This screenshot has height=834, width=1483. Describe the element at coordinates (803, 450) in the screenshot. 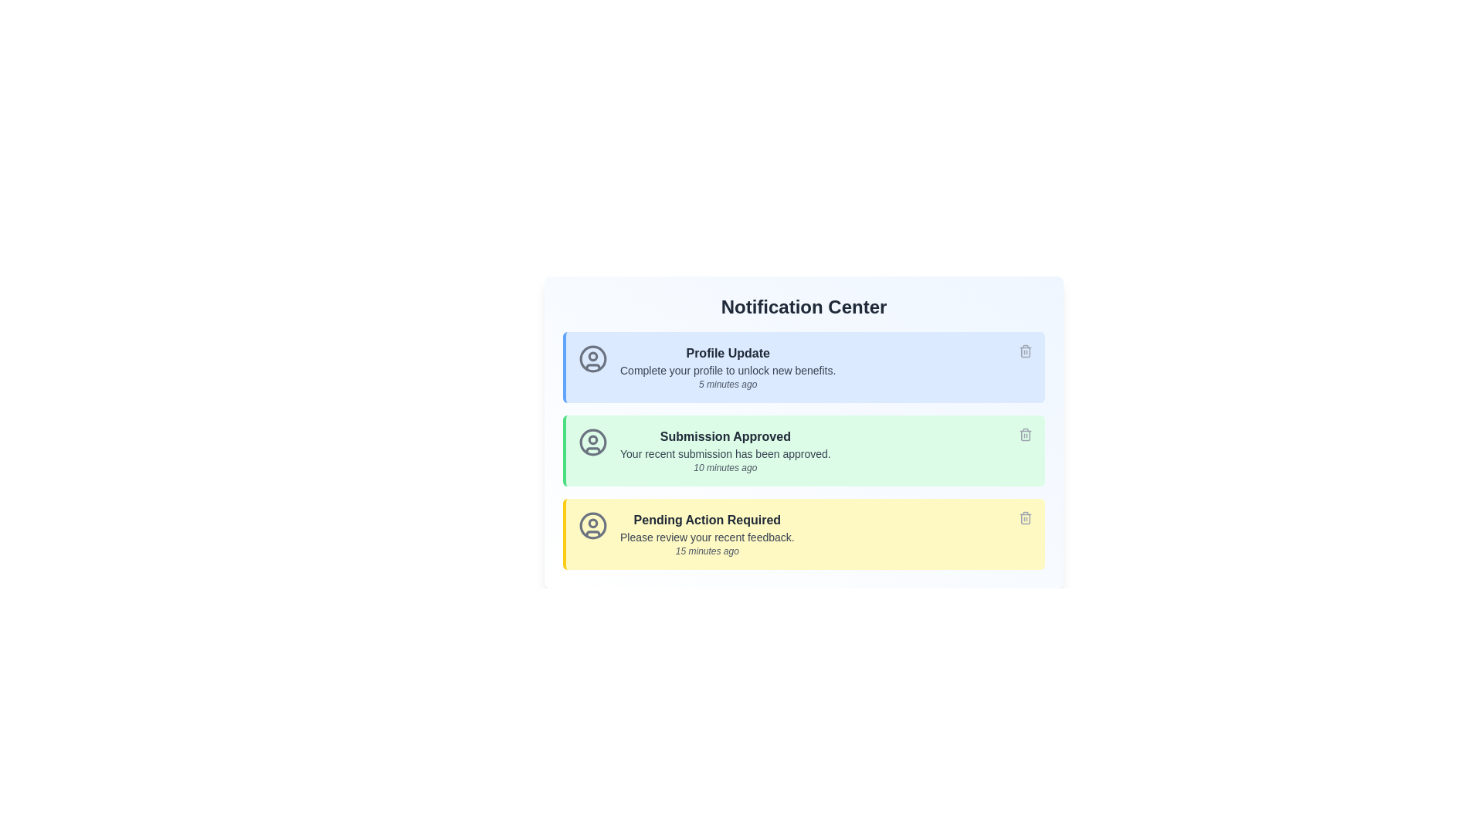

I see `the second notification card in the 'Notification Center' that informs the user about the update titled 'Submission Approved.'` at that location.